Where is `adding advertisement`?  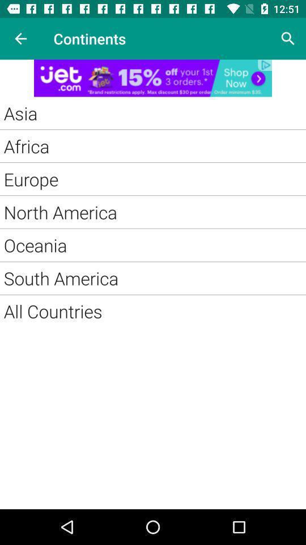 adding advertisement is located at coordinates (153, 77).